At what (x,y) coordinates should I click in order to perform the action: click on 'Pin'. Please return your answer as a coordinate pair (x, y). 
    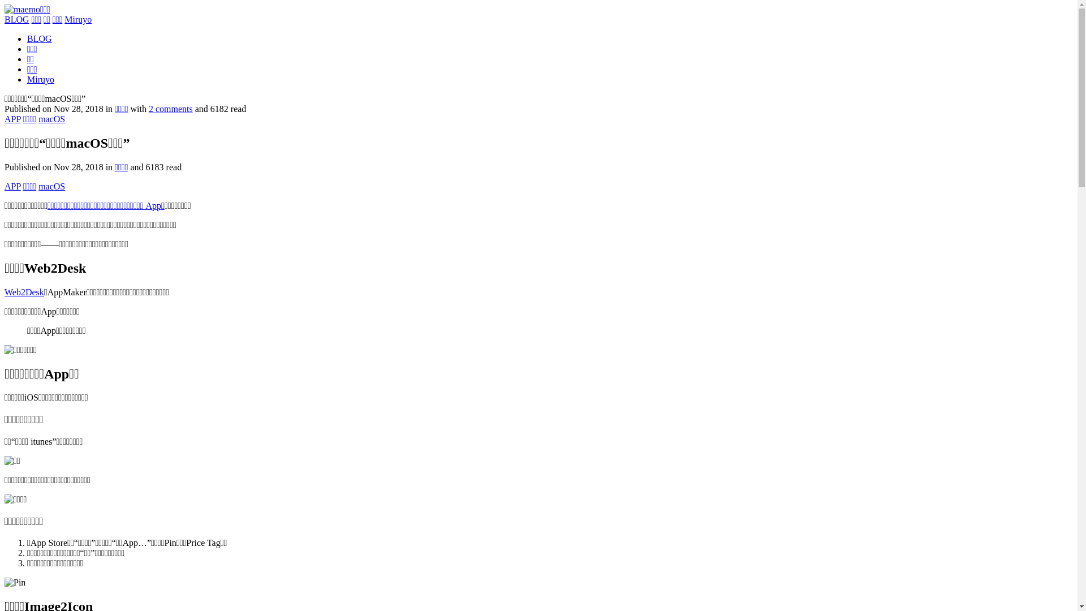
    Looking at the image, I should click on (5, 582).